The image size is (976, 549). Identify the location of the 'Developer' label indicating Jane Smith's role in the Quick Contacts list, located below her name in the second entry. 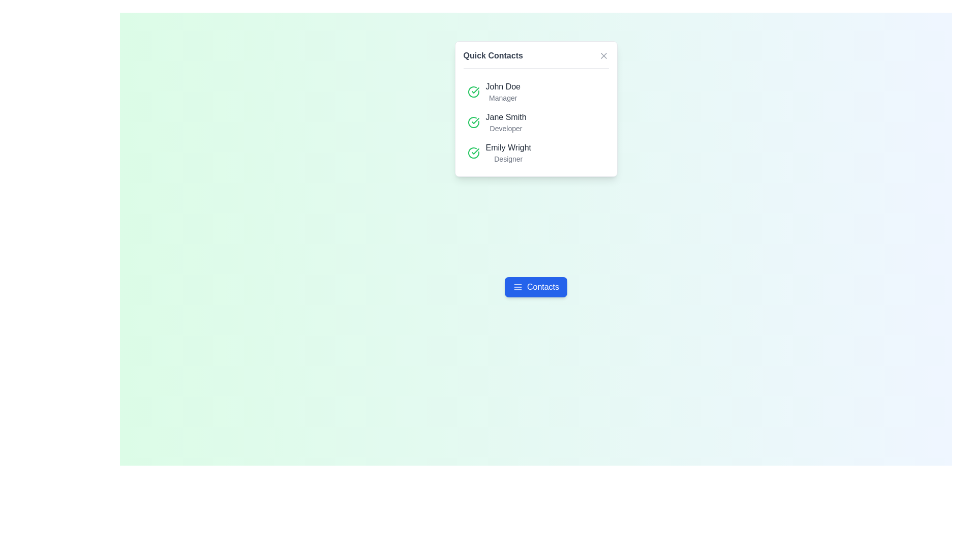
(506, 128).